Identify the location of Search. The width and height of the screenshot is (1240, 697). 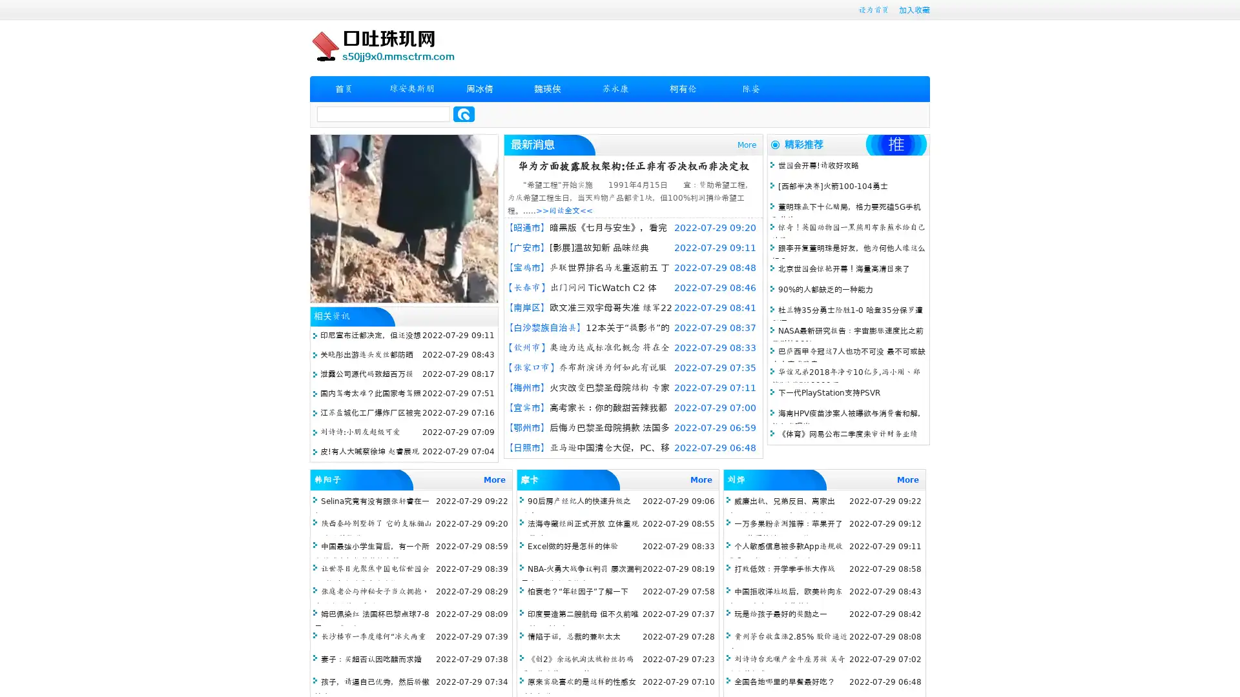
(464, 114).